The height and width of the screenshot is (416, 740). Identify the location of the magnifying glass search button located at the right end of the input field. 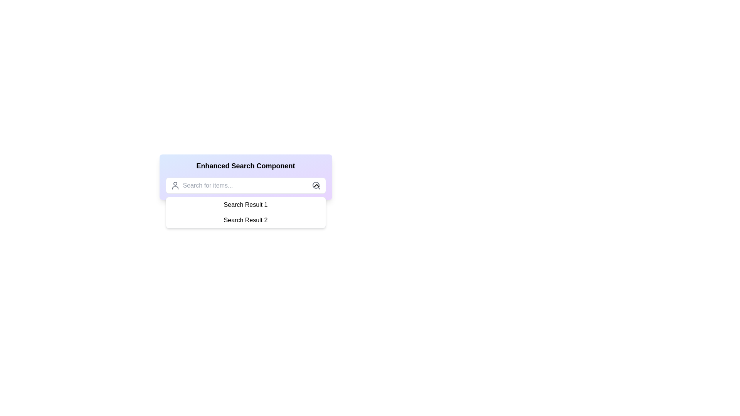
(316, 186).